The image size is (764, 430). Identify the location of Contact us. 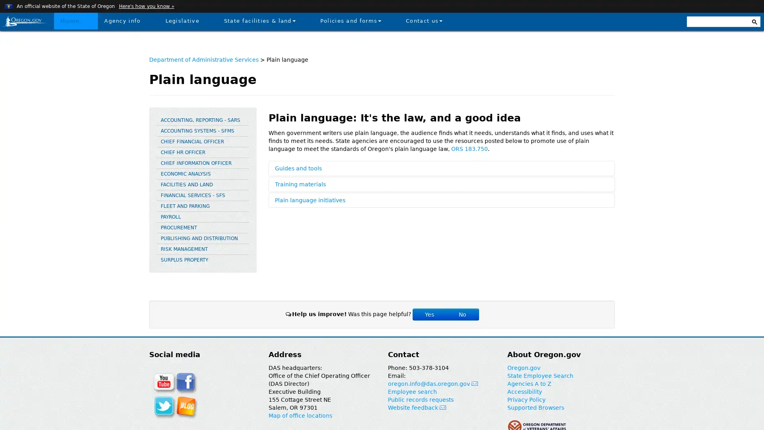
(423, 20).